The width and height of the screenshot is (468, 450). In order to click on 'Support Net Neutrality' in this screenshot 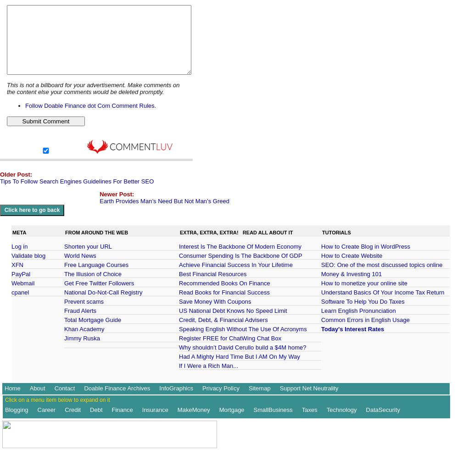, I will do `click(308, 388)`.